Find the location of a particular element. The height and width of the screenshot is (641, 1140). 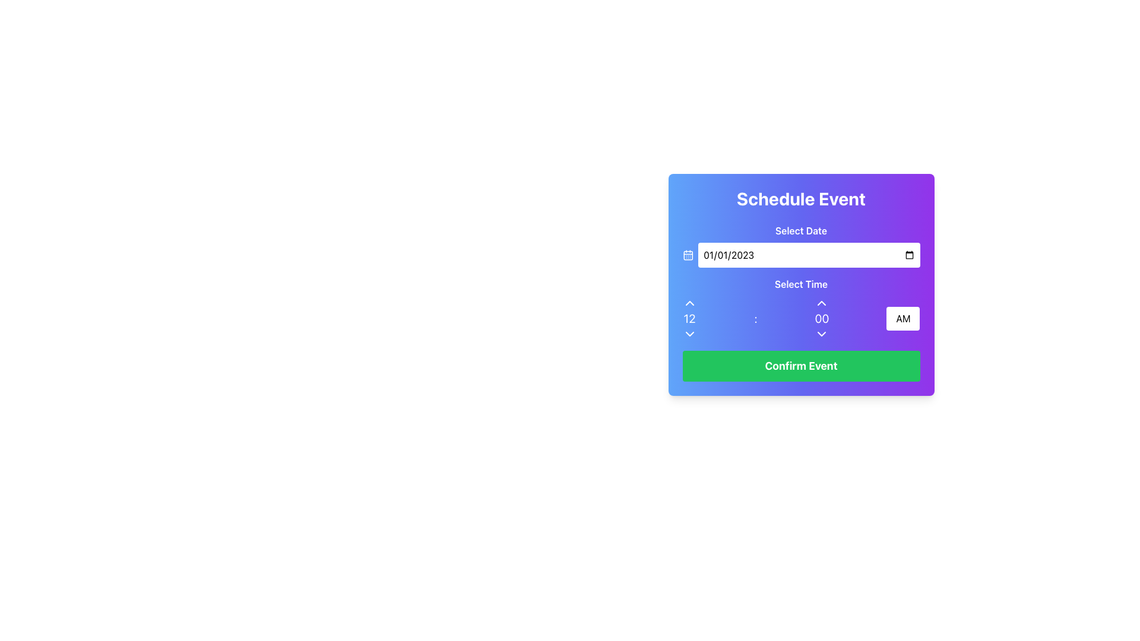

the colon (:) symbol in the time selection field, which is positioned centrally between the hour input field labeled '12' and the minute input field labeled '00' is located at coordinates (755, 318).